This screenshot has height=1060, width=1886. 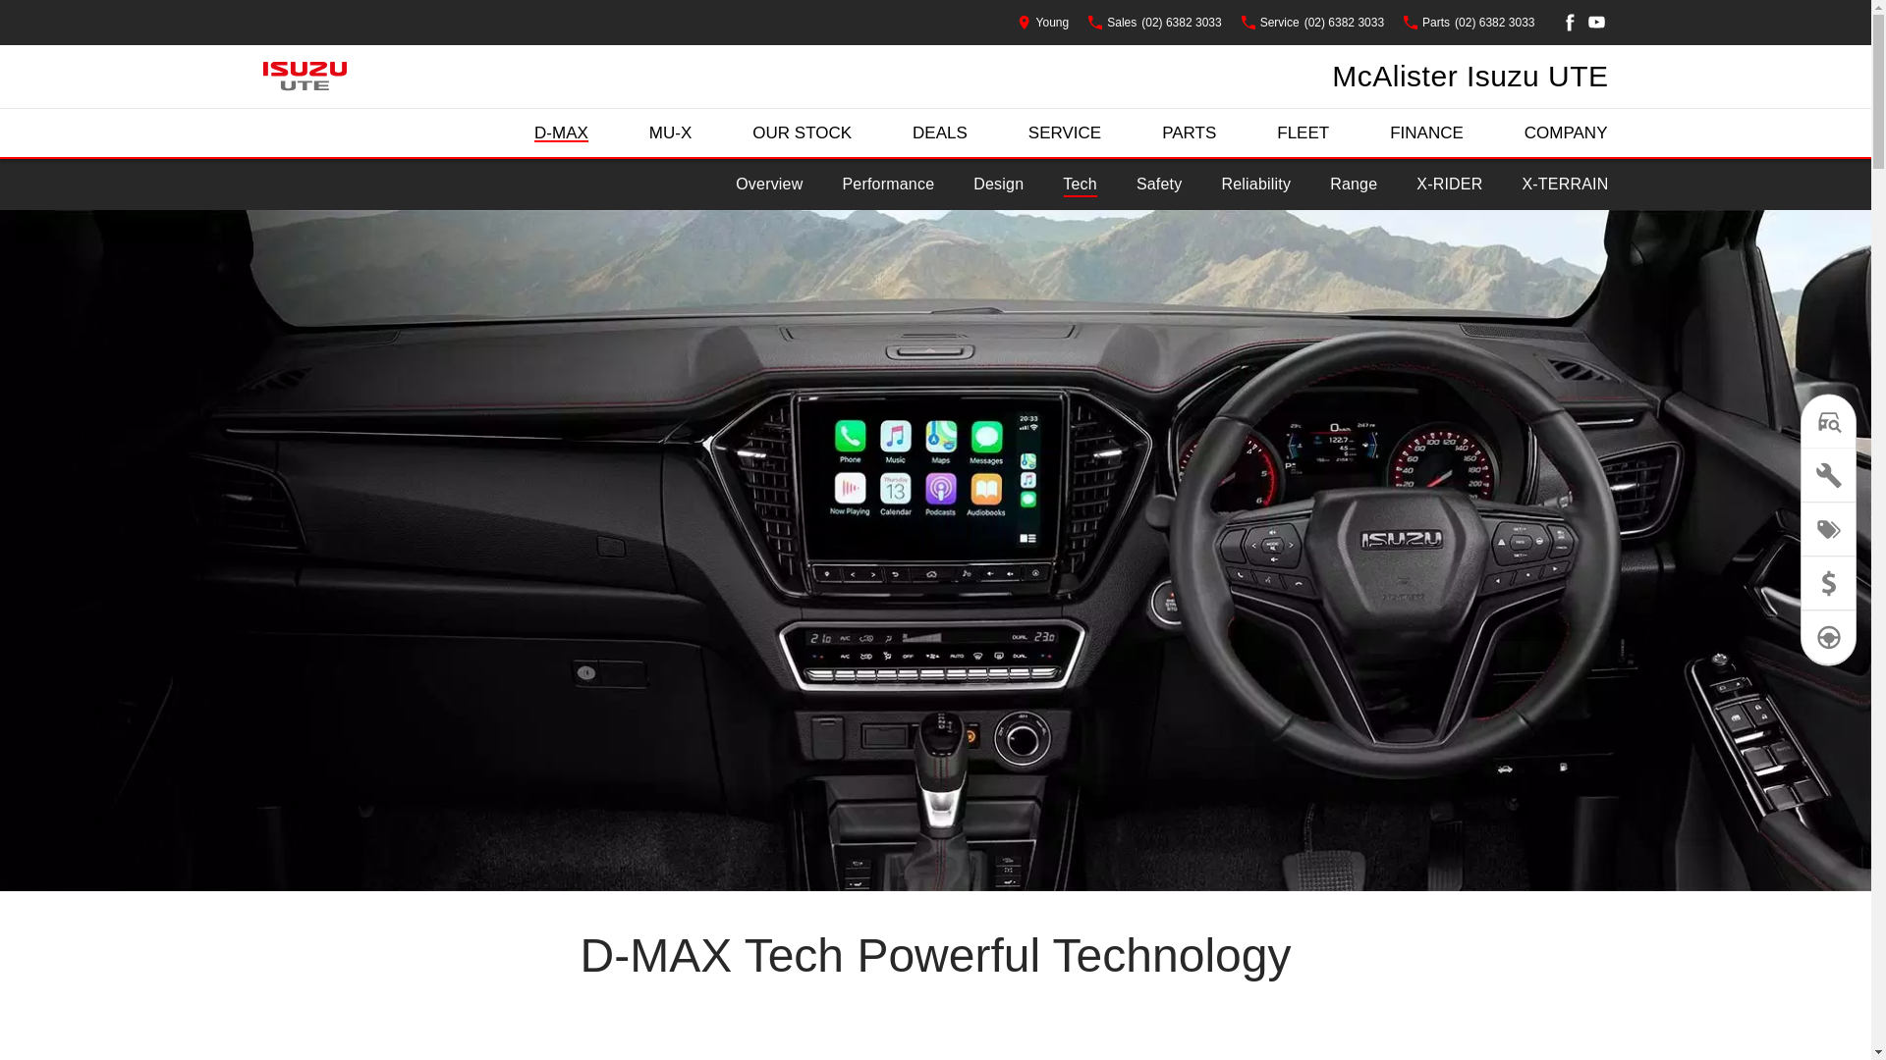 What do you see at coordinates (1188, 132) in the screenshot?
I see `'PARTS'` at bounding box center [1188, 132].